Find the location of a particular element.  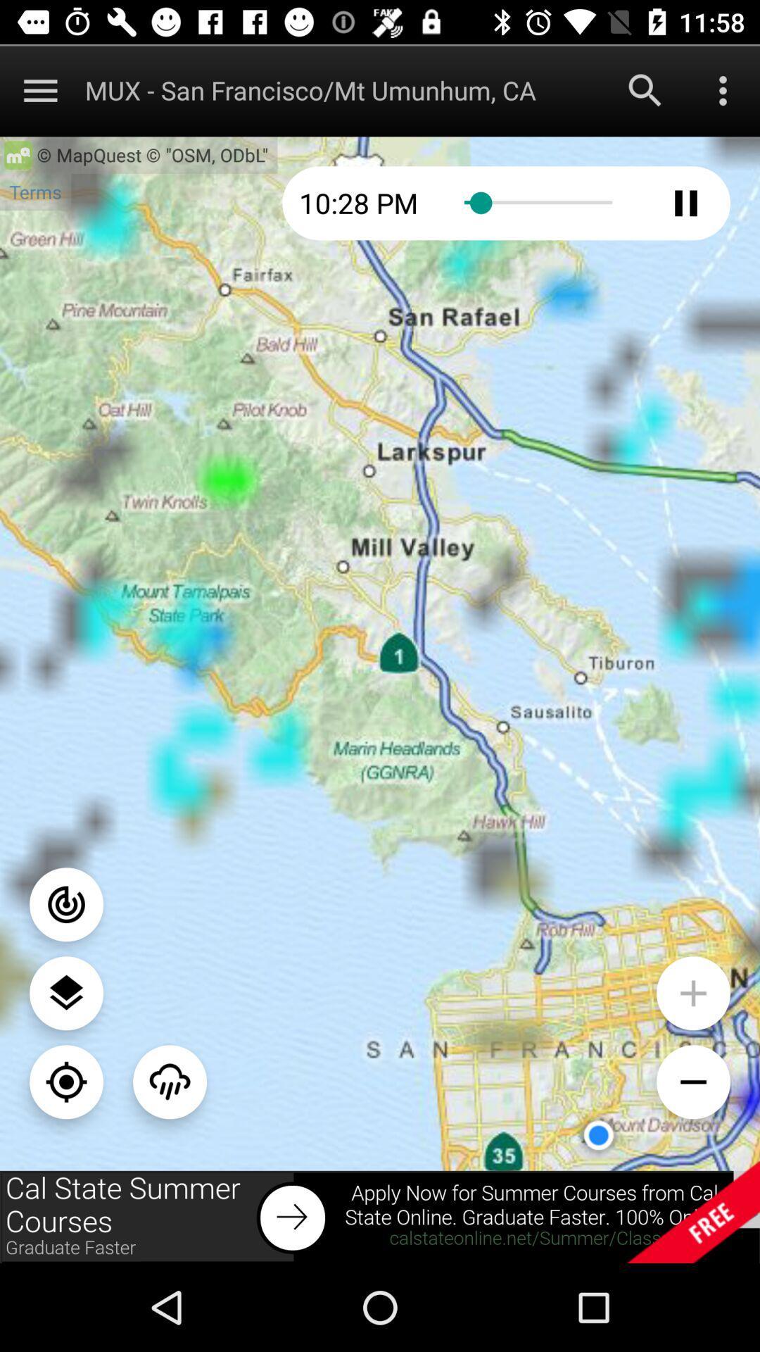

the layers icon is located at coordinates (66, 992).